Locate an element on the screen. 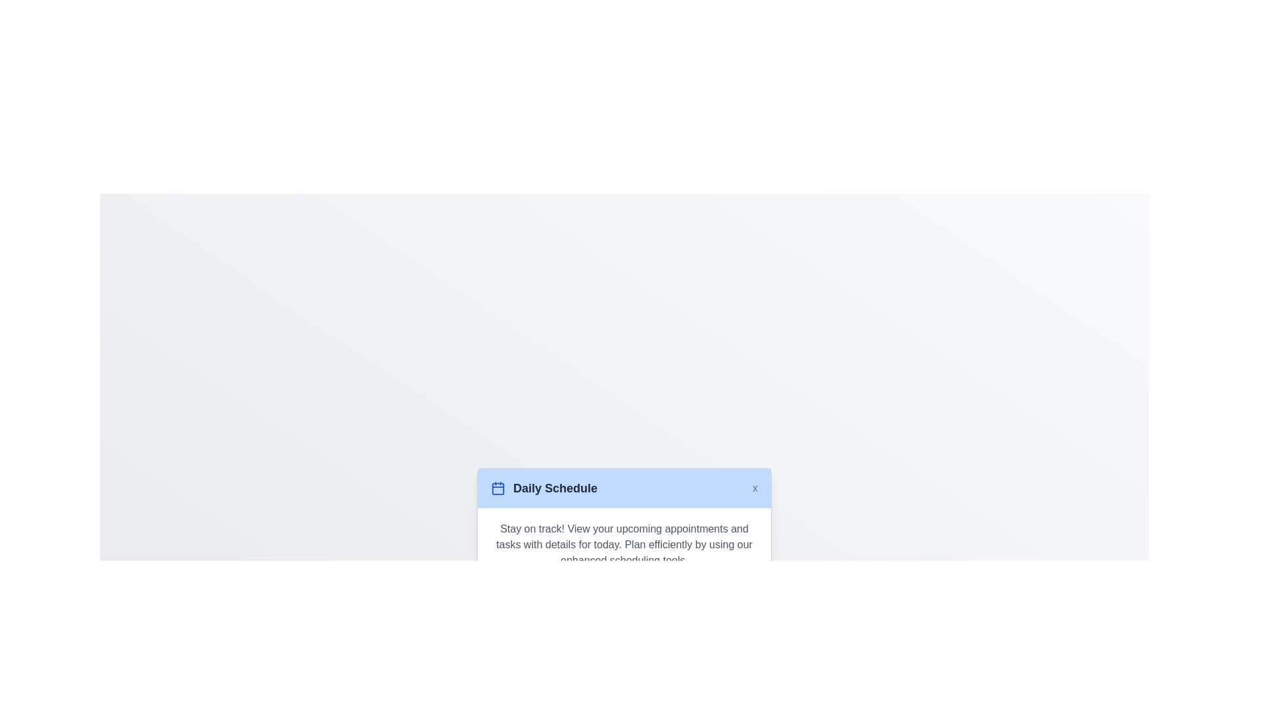 The image size is (1262, 710). the close button represented by the 'x' icon located in the upper right corner of the blue 'Daily Schedule' section is located at coordinates (755, 487).